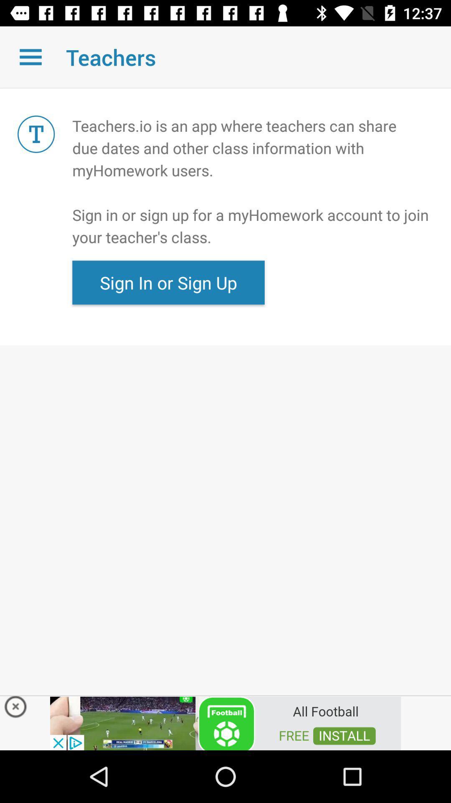  I want to click on open drop down menu, so click(30, 56).